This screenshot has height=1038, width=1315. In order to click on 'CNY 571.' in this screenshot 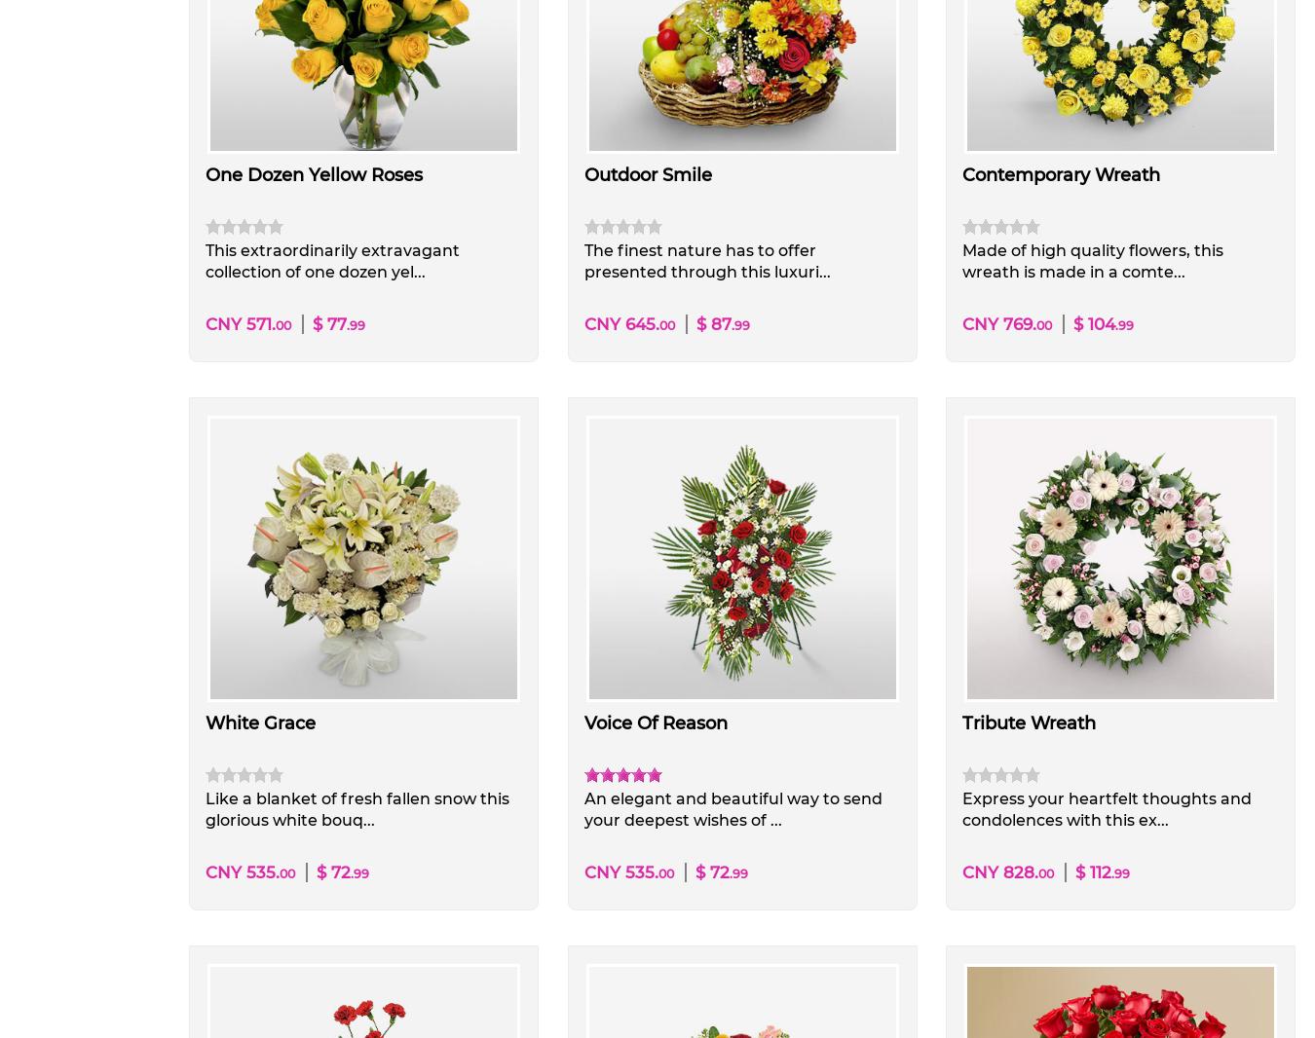, I will do `click(206, 324)`.